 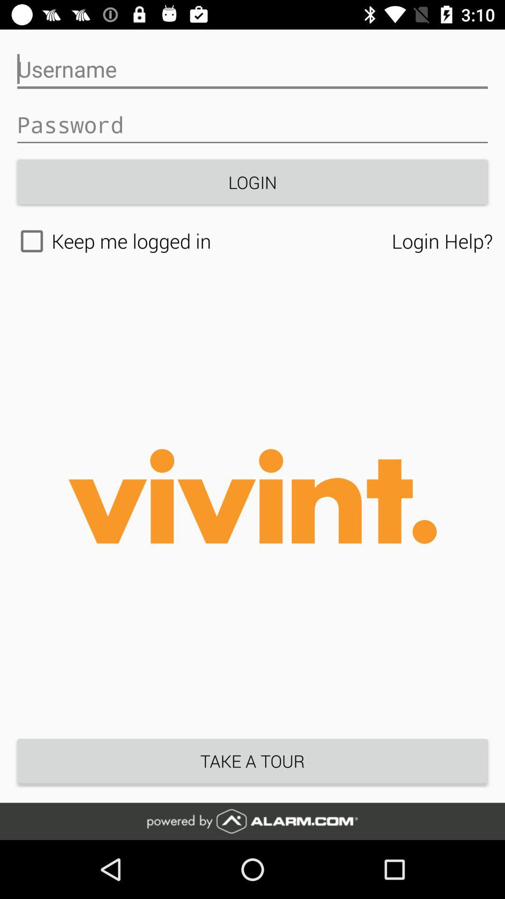 What do you see at coordinates (202, 241) in the screenshot?
I see `icon below the login` at bounding box center [202, 241].